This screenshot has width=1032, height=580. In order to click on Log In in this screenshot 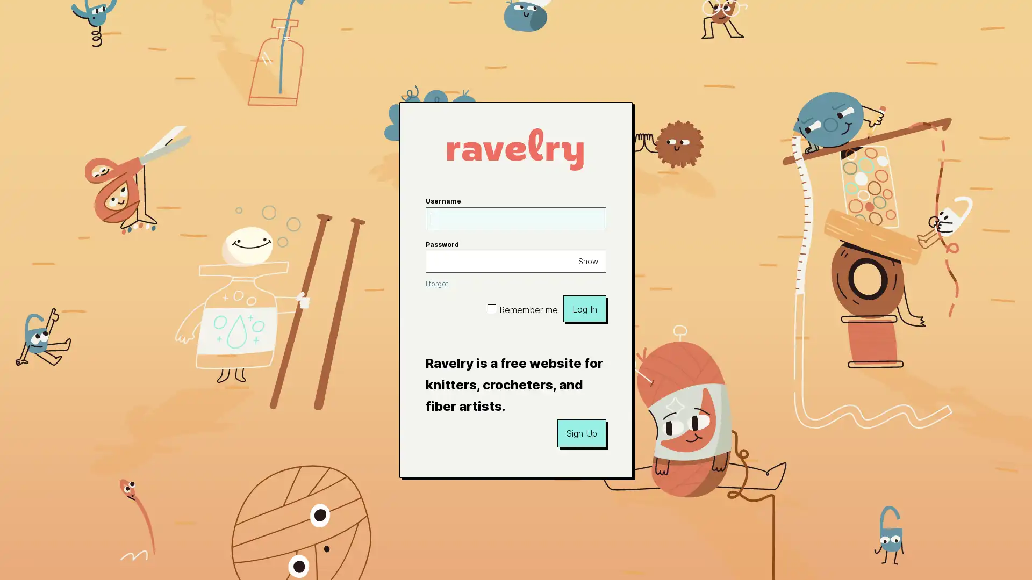, I will do `click(584, 308)`.